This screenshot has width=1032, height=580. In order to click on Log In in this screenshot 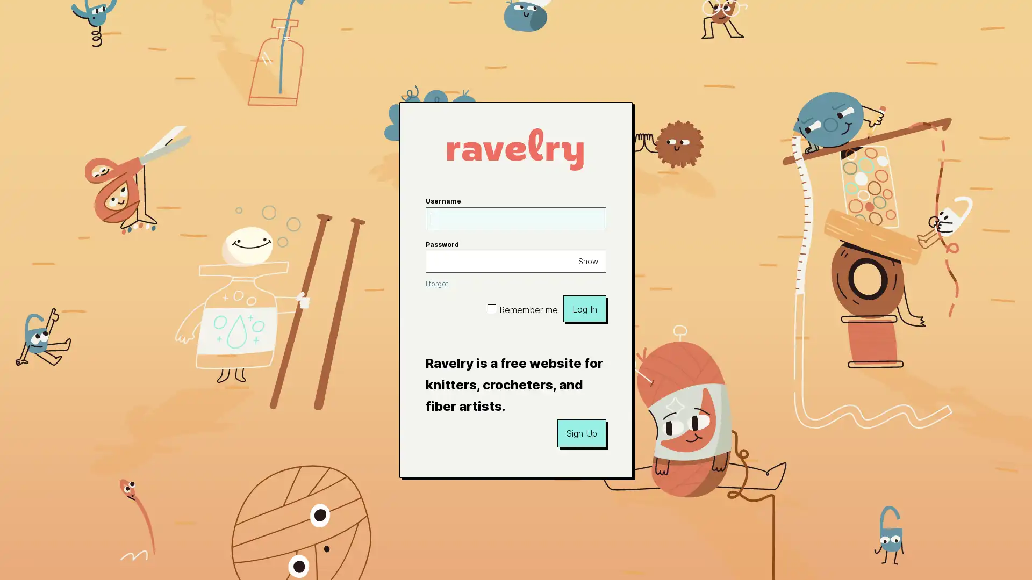, I will do `click(584, 308)`.